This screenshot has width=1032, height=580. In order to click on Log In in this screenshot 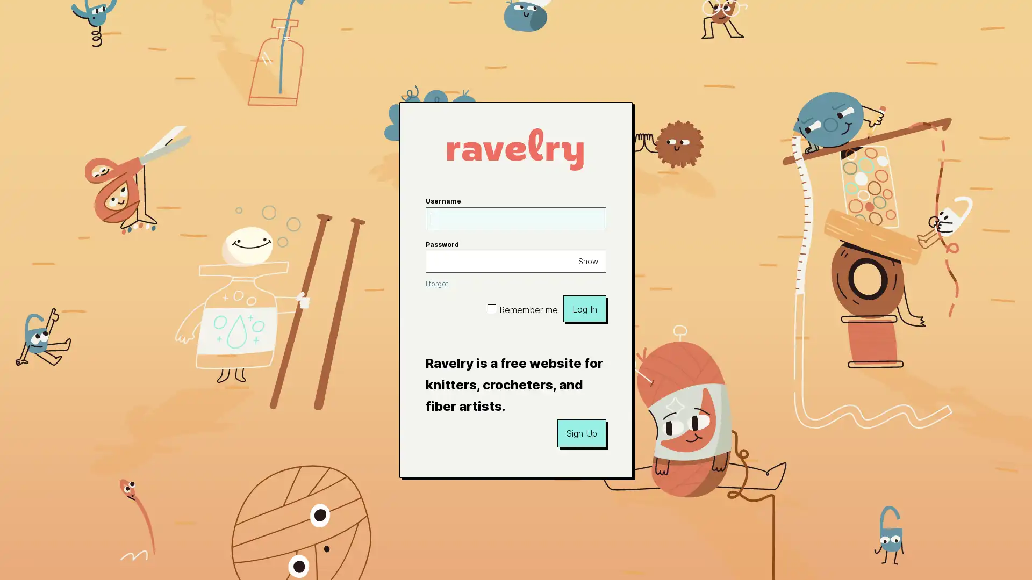, I will do `click(584, 308)`.